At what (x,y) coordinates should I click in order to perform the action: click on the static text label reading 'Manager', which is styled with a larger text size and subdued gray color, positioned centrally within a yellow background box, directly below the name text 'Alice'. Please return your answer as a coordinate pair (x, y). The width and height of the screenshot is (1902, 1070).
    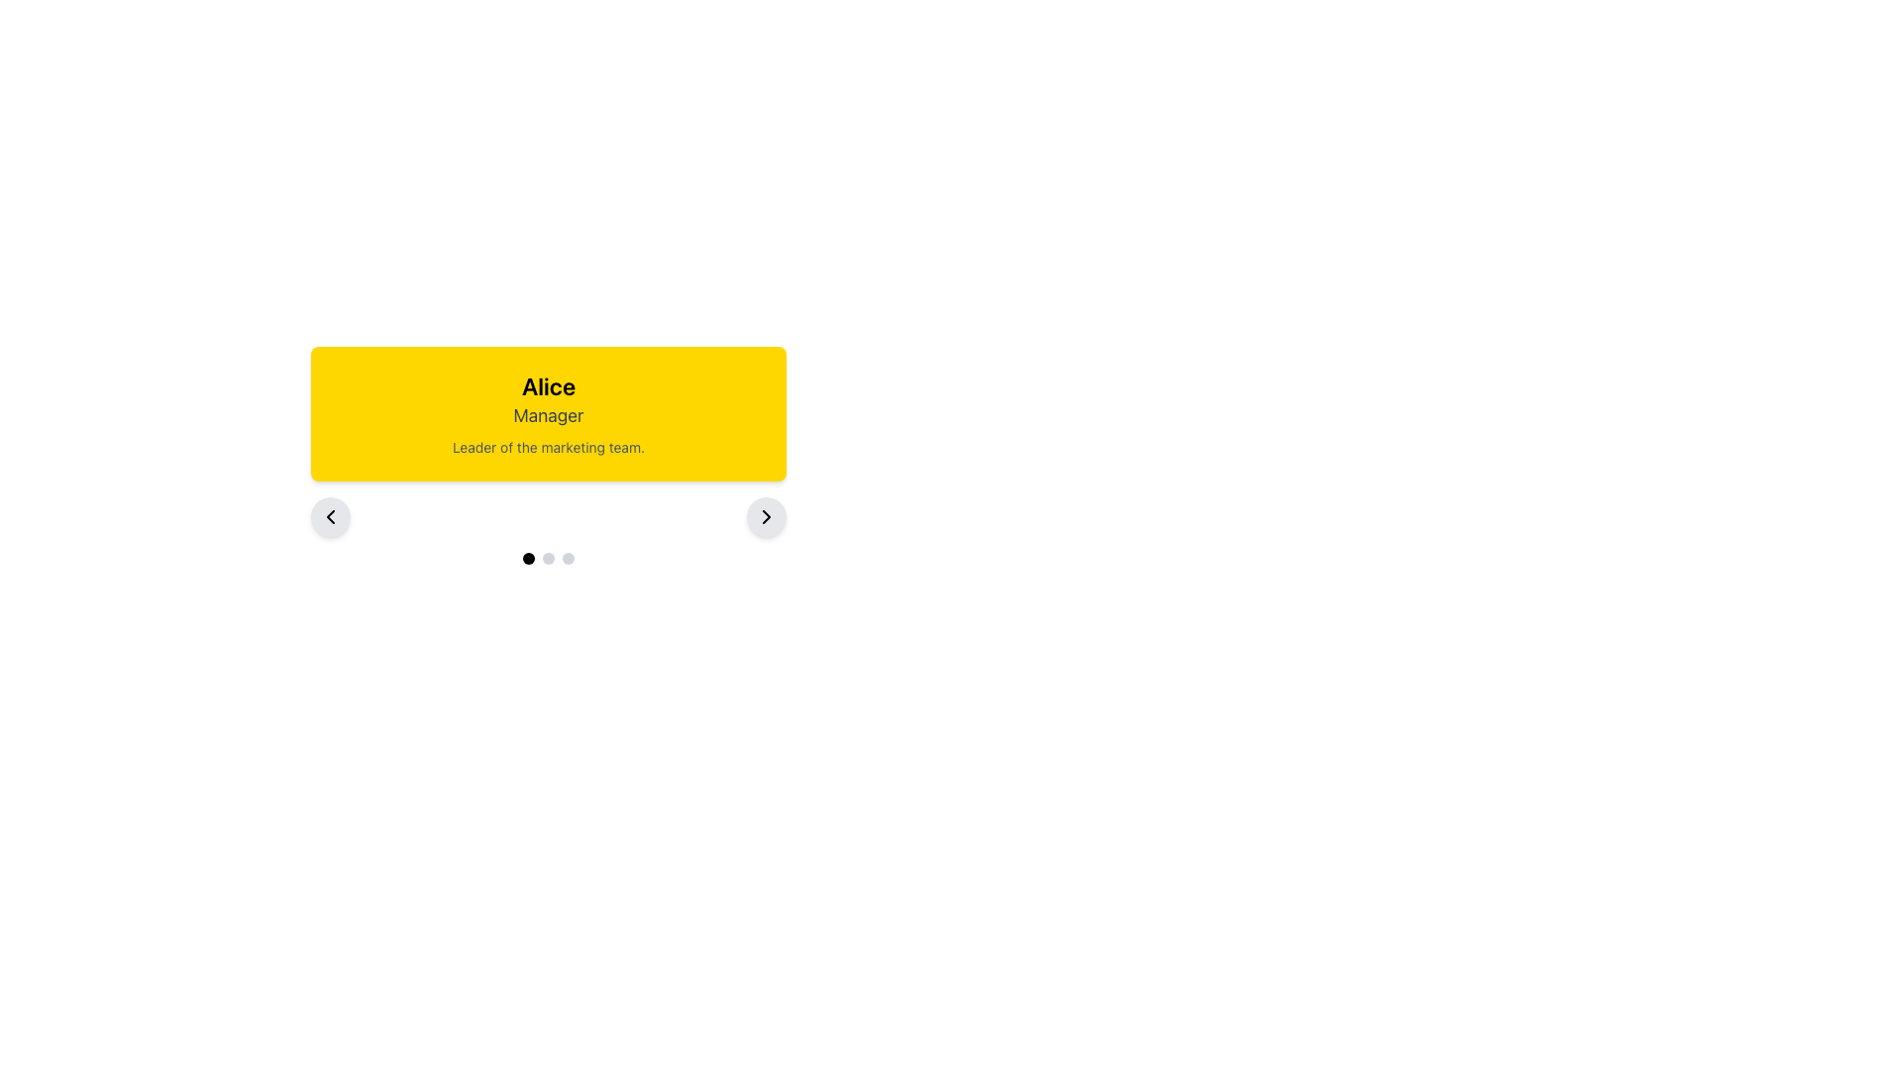
    Looking at the image, I should click on (548, 415).